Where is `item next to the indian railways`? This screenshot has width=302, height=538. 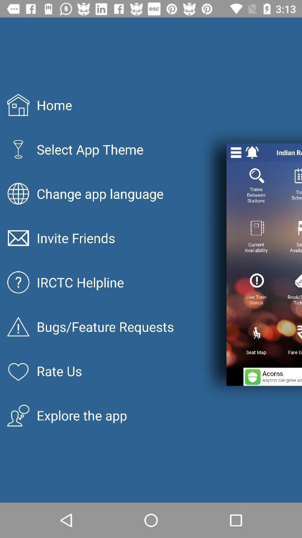 item next to the indian railways is located at coordinates (252, 152).